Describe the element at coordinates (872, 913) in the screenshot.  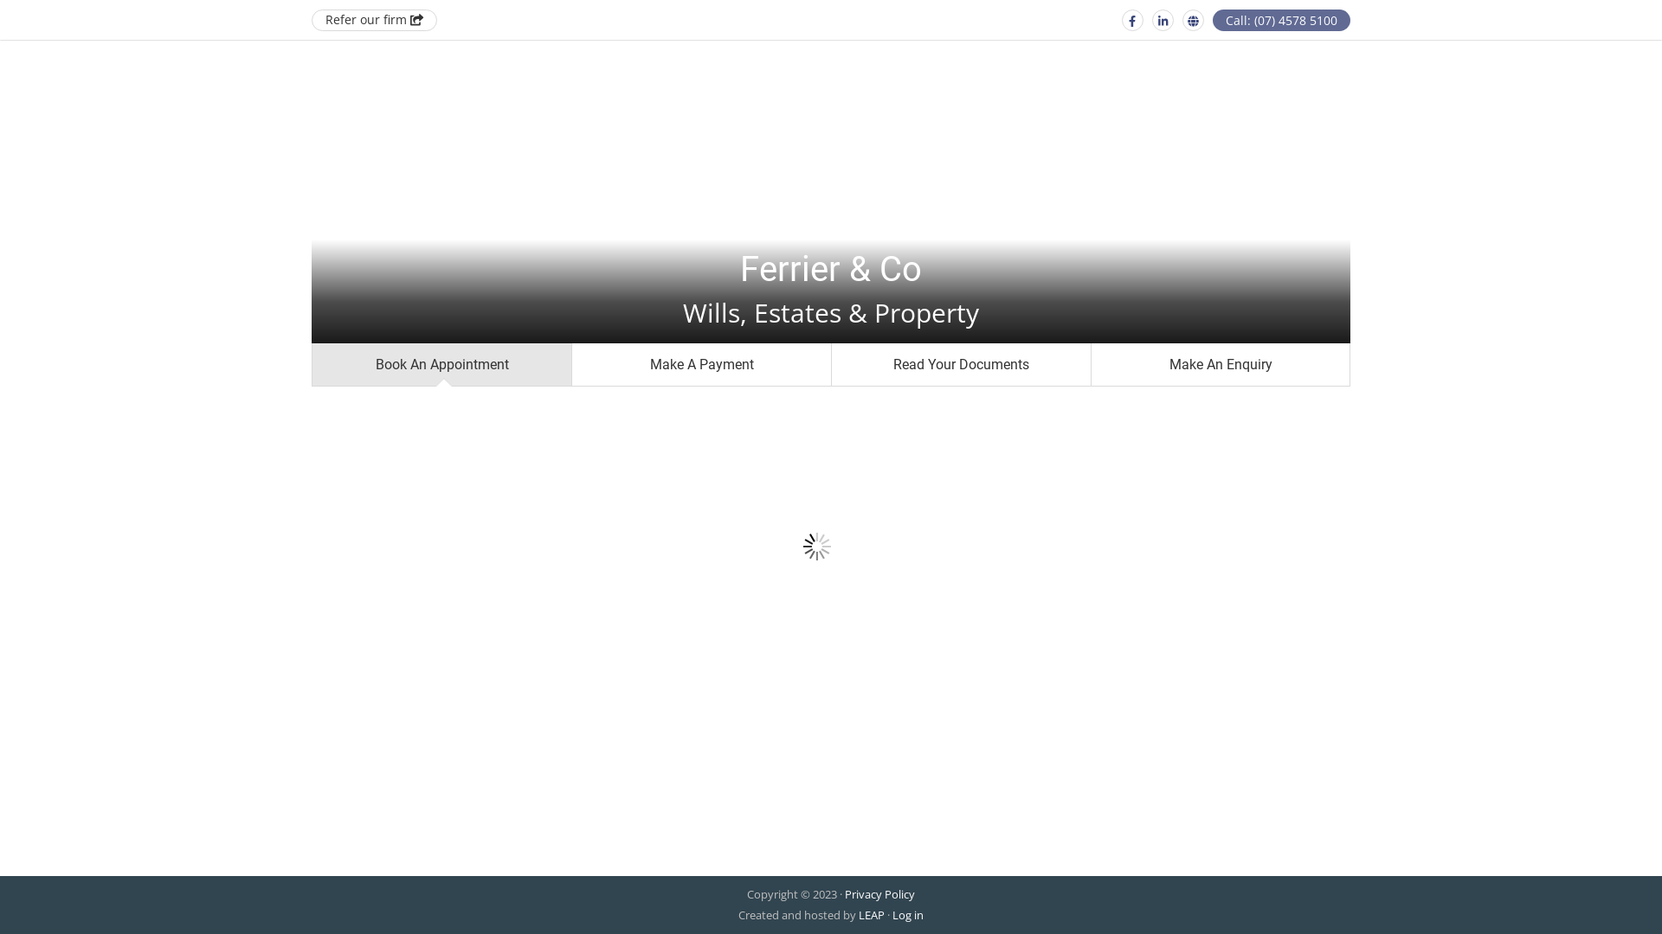
I see `'LEAP'` at that location.